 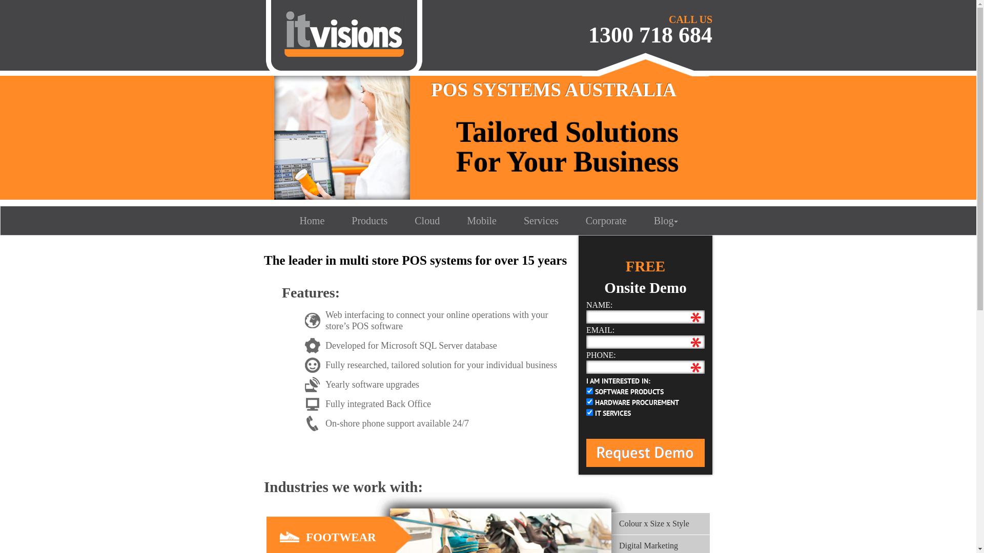 I want to click on 'Services', so click(x=541, y=220).